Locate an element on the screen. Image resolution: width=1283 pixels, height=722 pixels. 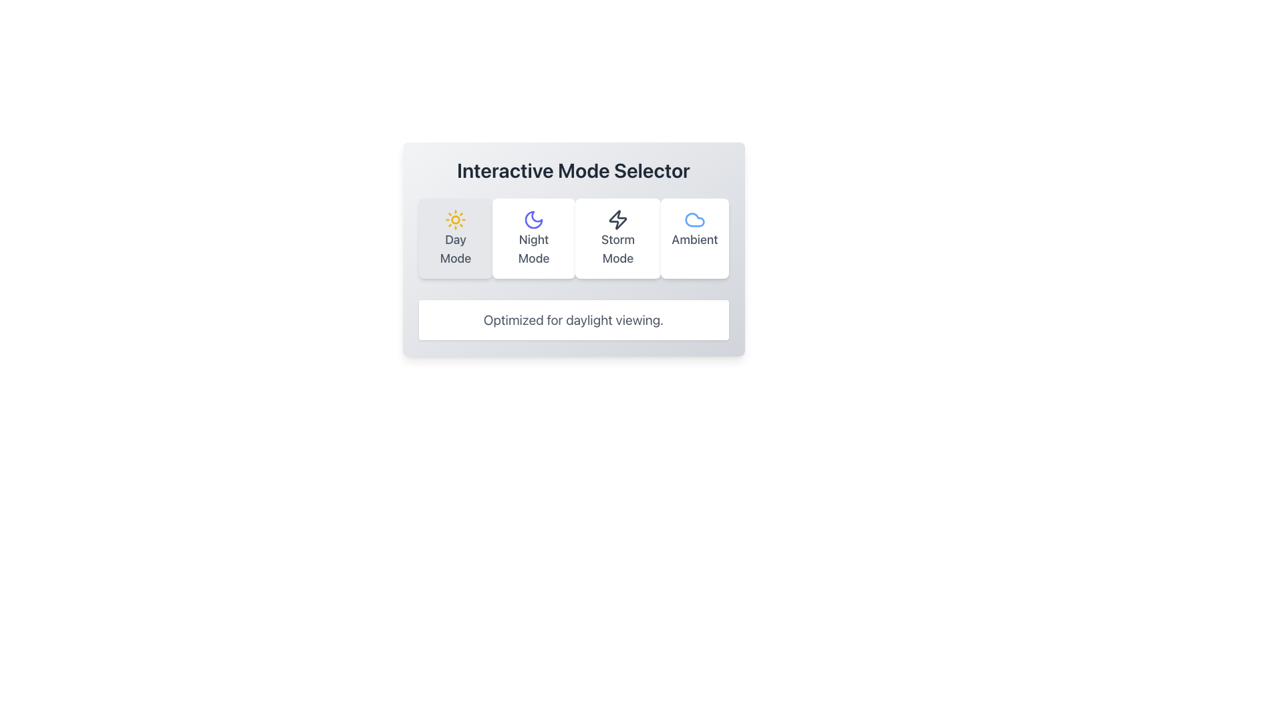
the text label 'Night Mode' which is displayed in a medium-sized, gray font within the card-like button in the modal titled 'Night Mode' is located at coordinates (533, 249).